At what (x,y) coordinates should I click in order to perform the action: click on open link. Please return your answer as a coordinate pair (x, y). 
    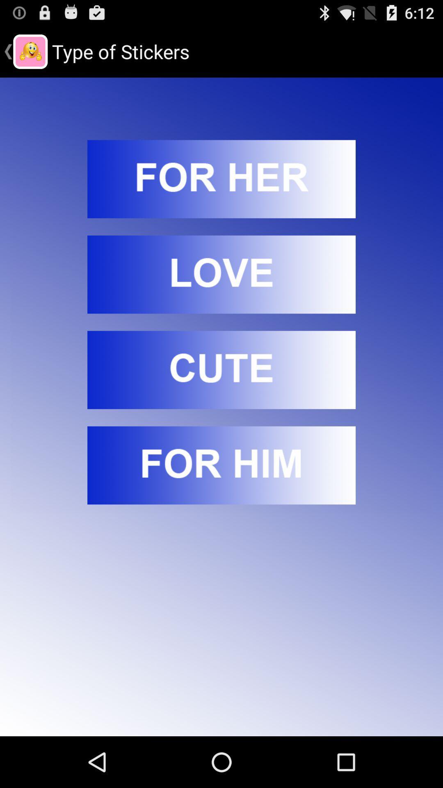
    Looking at the image, I should click on (221, 179).